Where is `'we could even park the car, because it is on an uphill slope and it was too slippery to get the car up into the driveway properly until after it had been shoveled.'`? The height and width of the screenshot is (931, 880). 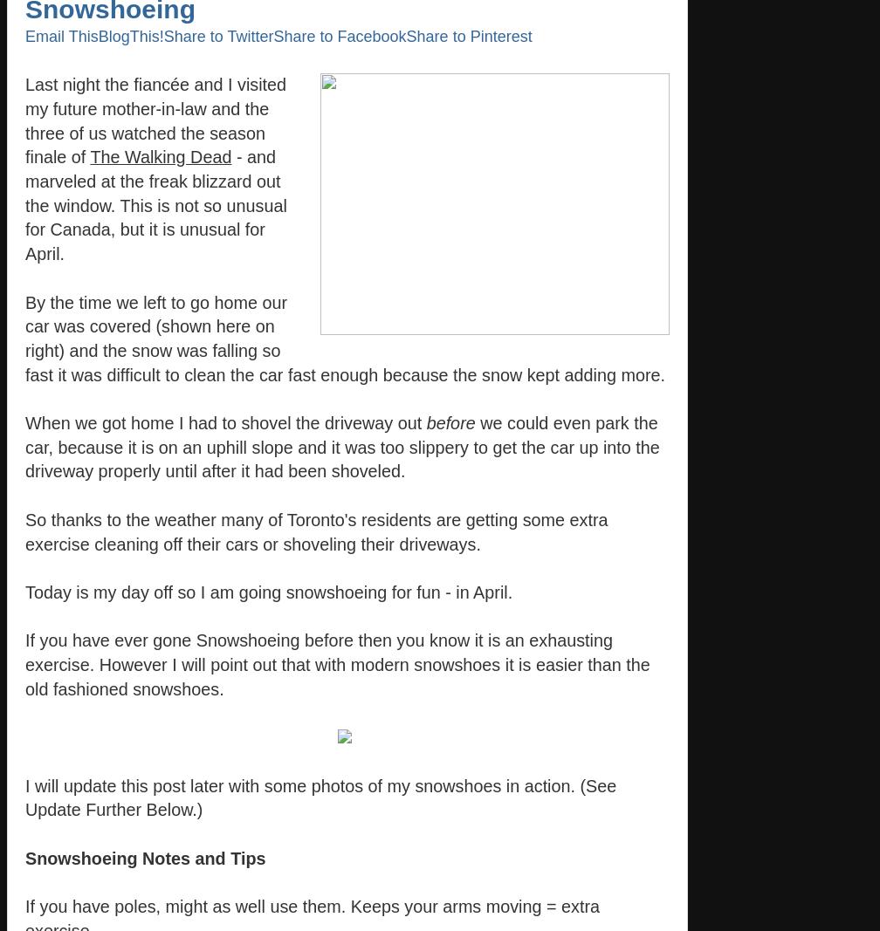
'we could even park the car, because it is on an uphill slope and it was too slippery to get the car up into the driveway properly until after it had been shoveled.' is located at coordinates (342, 446).